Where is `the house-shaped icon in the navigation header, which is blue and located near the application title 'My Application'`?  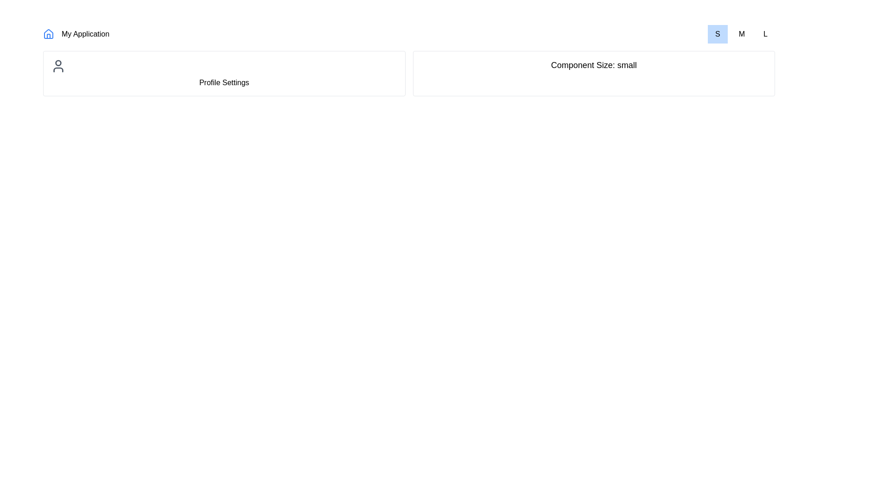 the house-shaped icon in the navigation header, which is blue and located near the application title 'My Application' is located at coordinates (48, 33).